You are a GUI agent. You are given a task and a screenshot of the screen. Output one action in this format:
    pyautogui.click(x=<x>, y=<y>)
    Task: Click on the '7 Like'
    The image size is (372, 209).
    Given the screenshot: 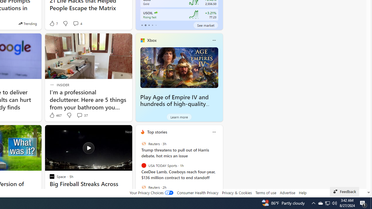 What is the action you would take?
    pyautogui.click(x=53, y=23)
    